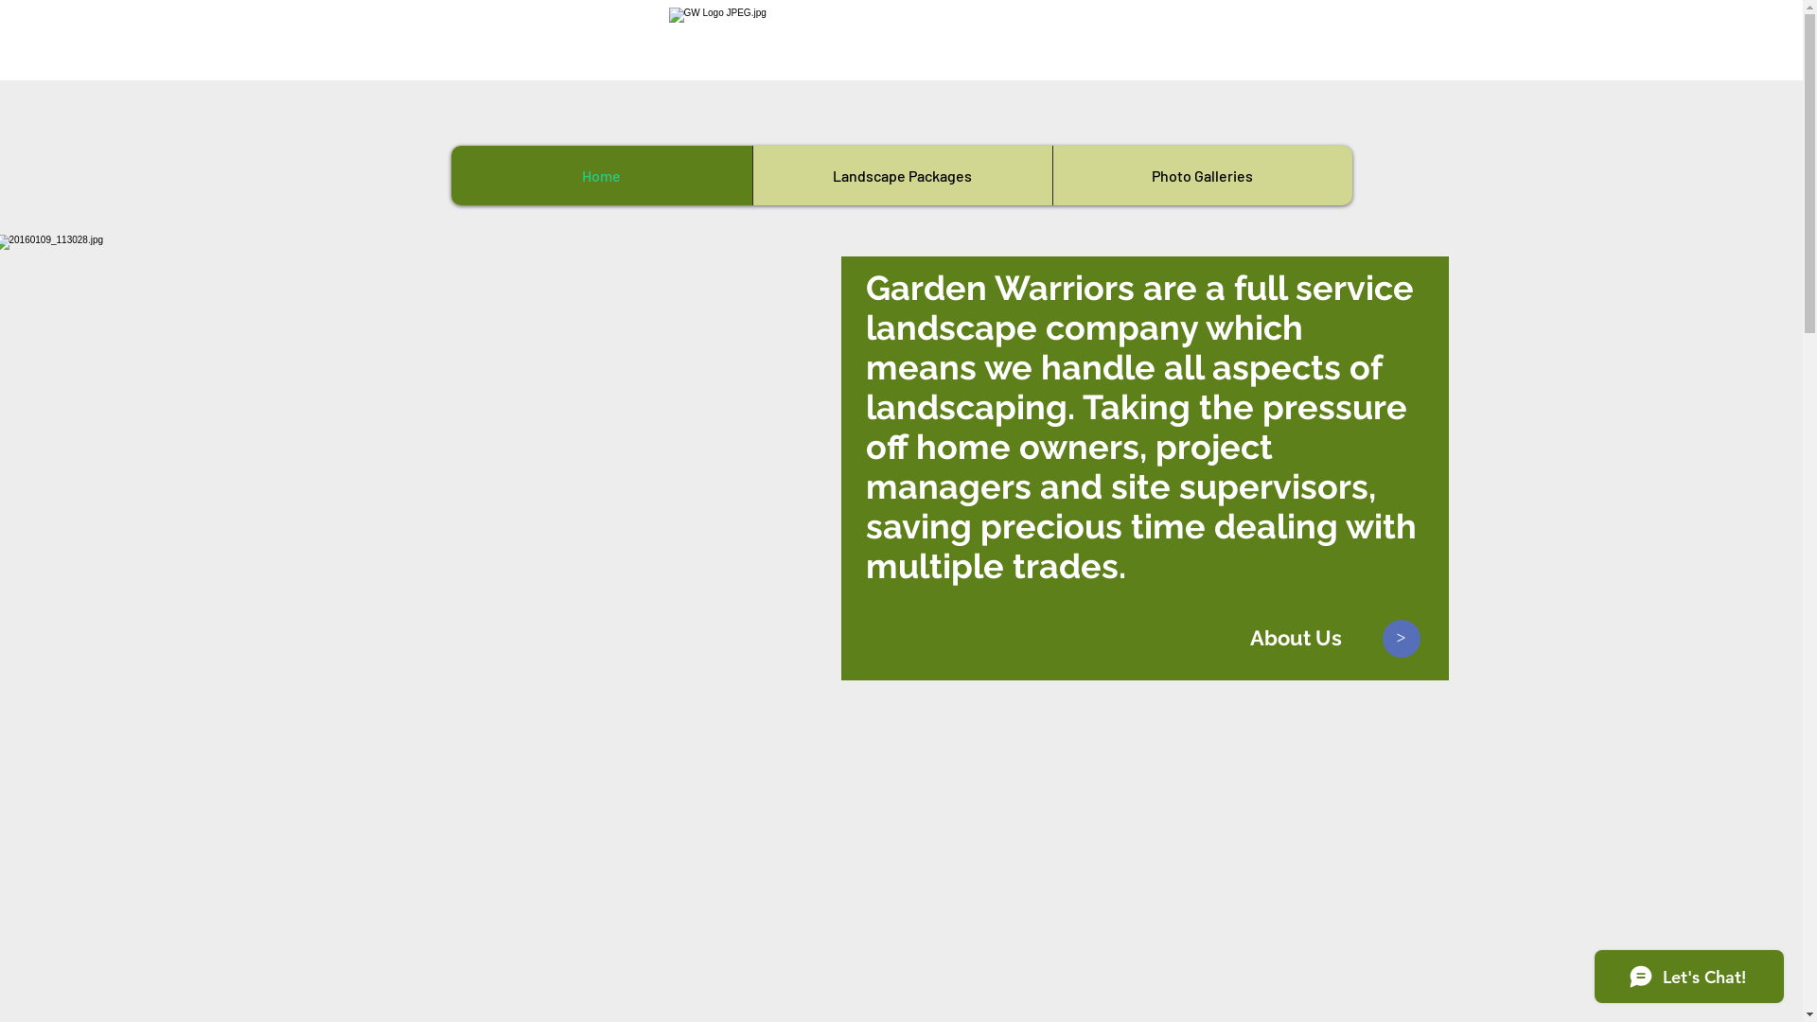  Describe the element at coordinates (1402, 639) in the screenshot. I see `'>'` at that location.